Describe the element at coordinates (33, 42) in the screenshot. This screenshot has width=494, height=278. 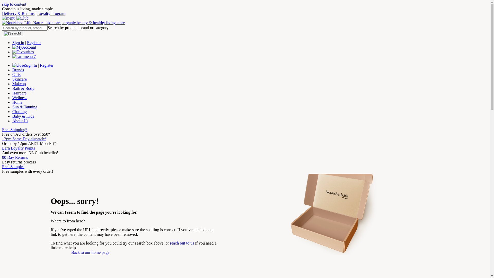
I see `'Register'` at that location.